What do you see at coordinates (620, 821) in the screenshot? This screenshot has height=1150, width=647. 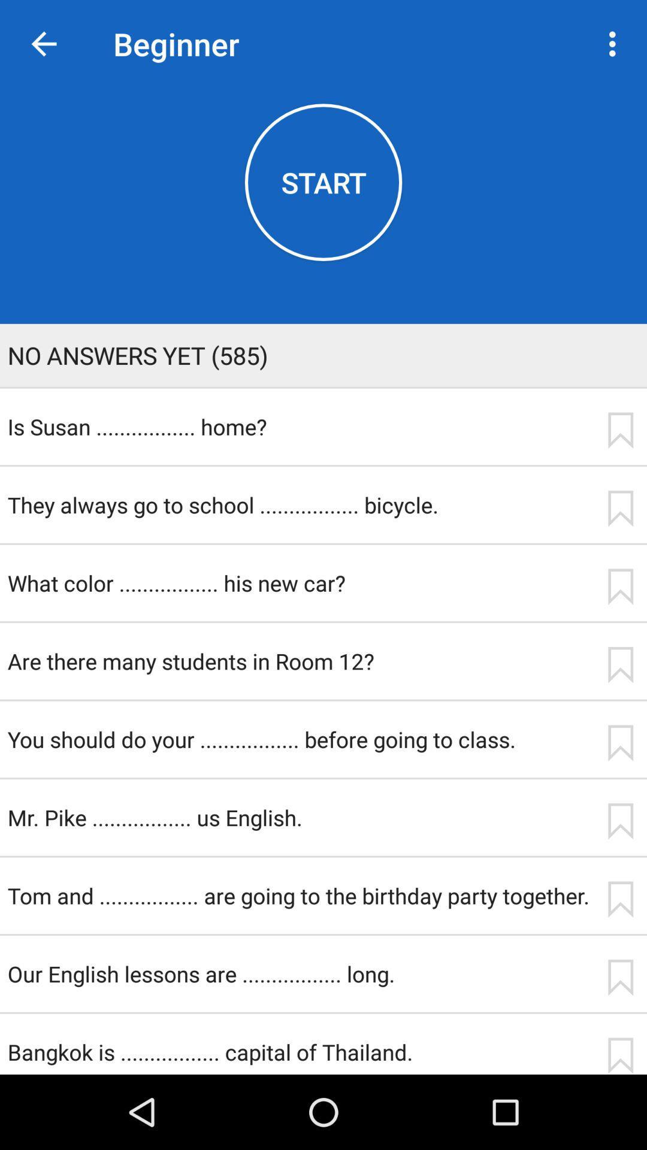 I see `for later` at bounding box center [620, 821].